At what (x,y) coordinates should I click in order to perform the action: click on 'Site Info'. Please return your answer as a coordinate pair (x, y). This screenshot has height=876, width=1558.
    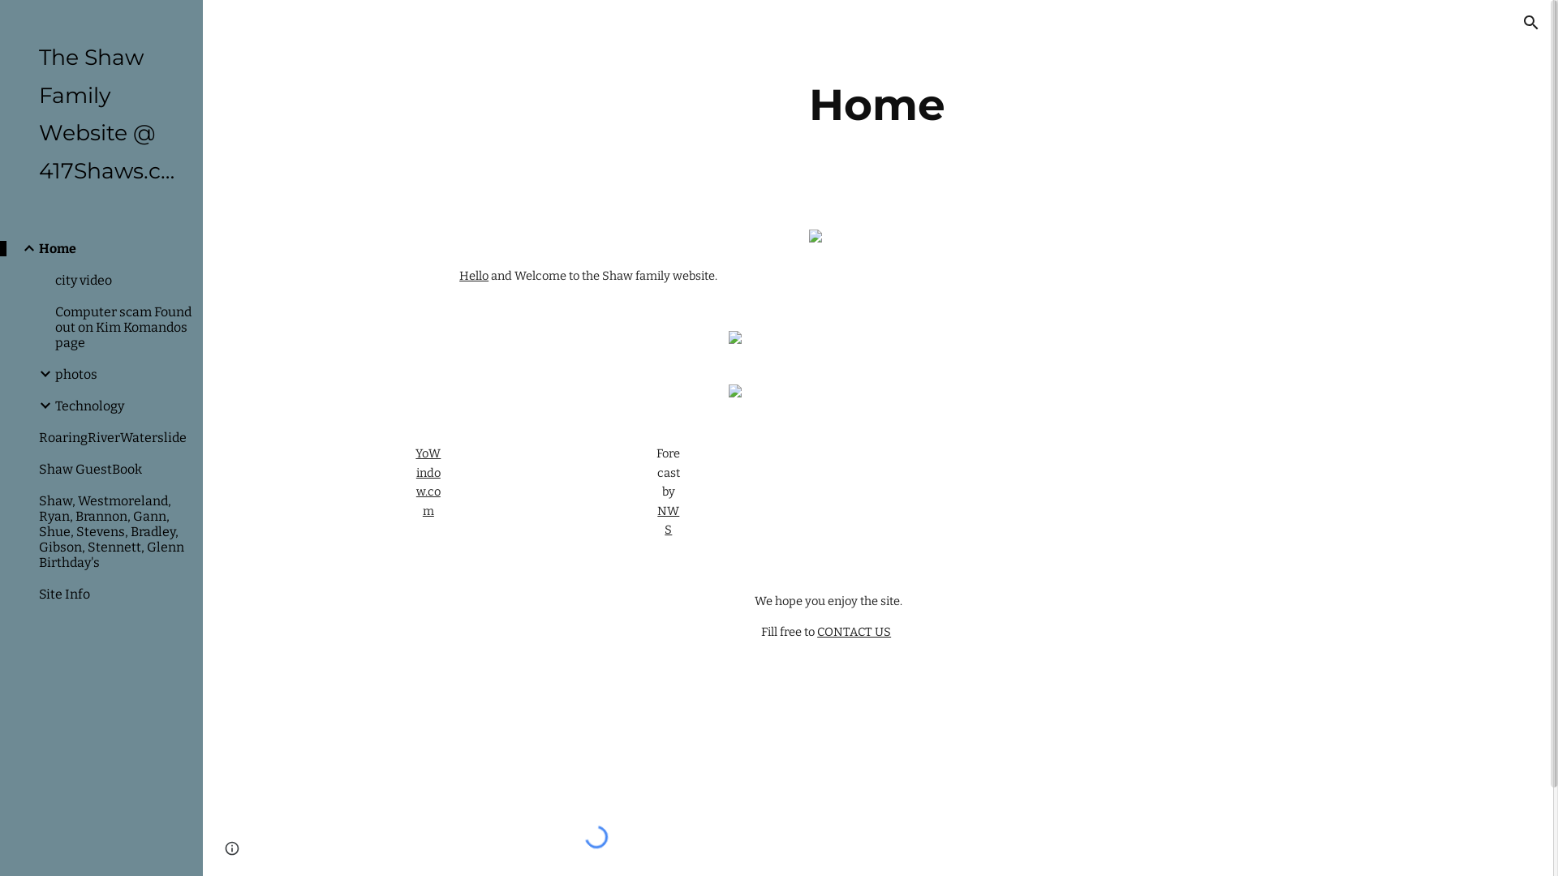
    Looking at the image, I should click on (113, 594).